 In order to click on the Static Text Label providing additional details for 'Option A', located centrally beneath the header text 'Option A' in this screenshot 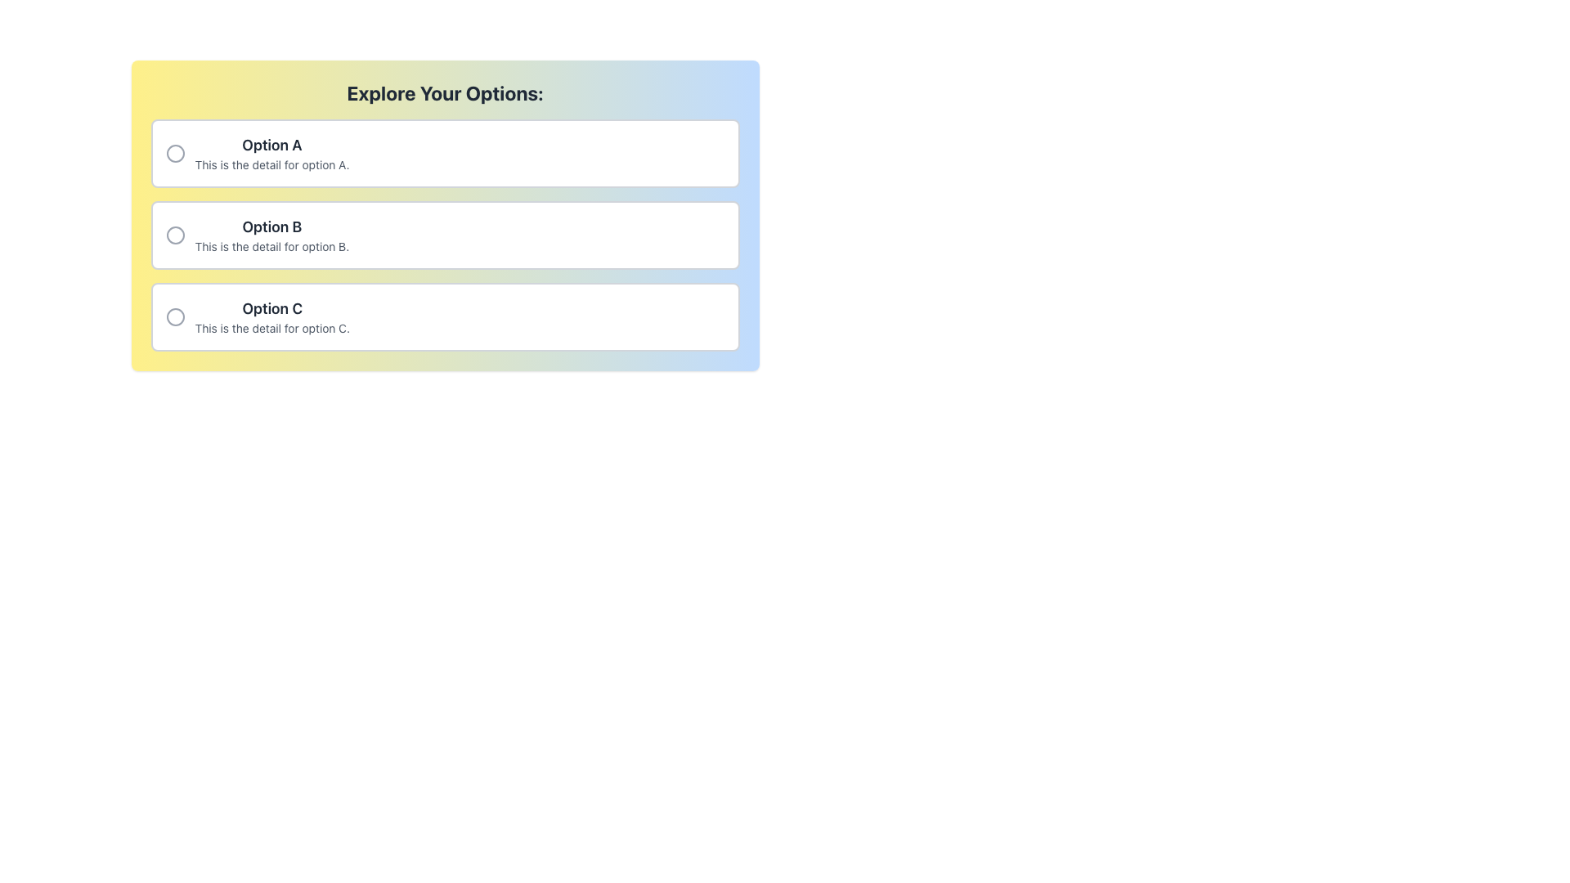, I will do `click(271, 164)`.